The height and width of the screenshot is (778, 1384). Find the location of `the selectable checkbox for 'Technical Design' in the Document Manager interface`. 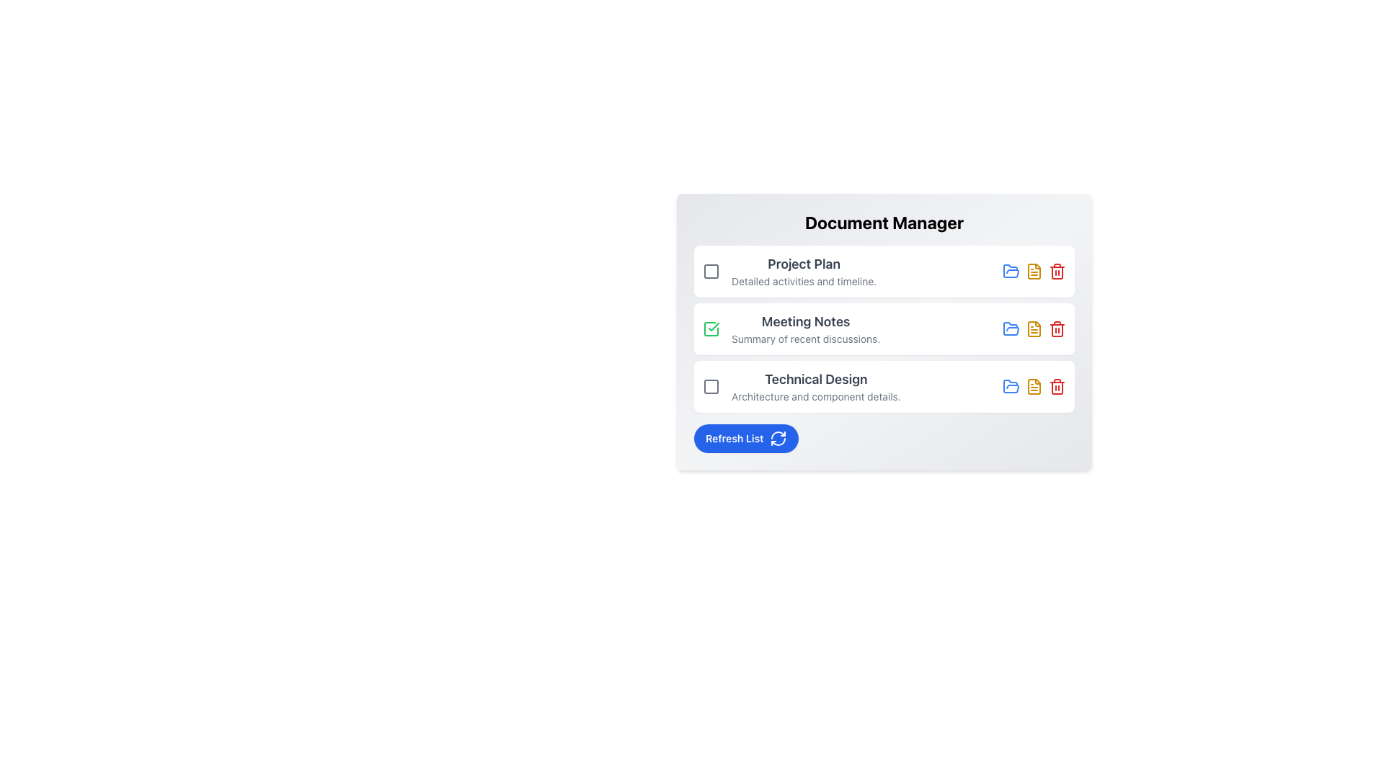

the selectable checkbox for 'Technical Design' in the Document Manager interface is located at coordinates (711, 385).